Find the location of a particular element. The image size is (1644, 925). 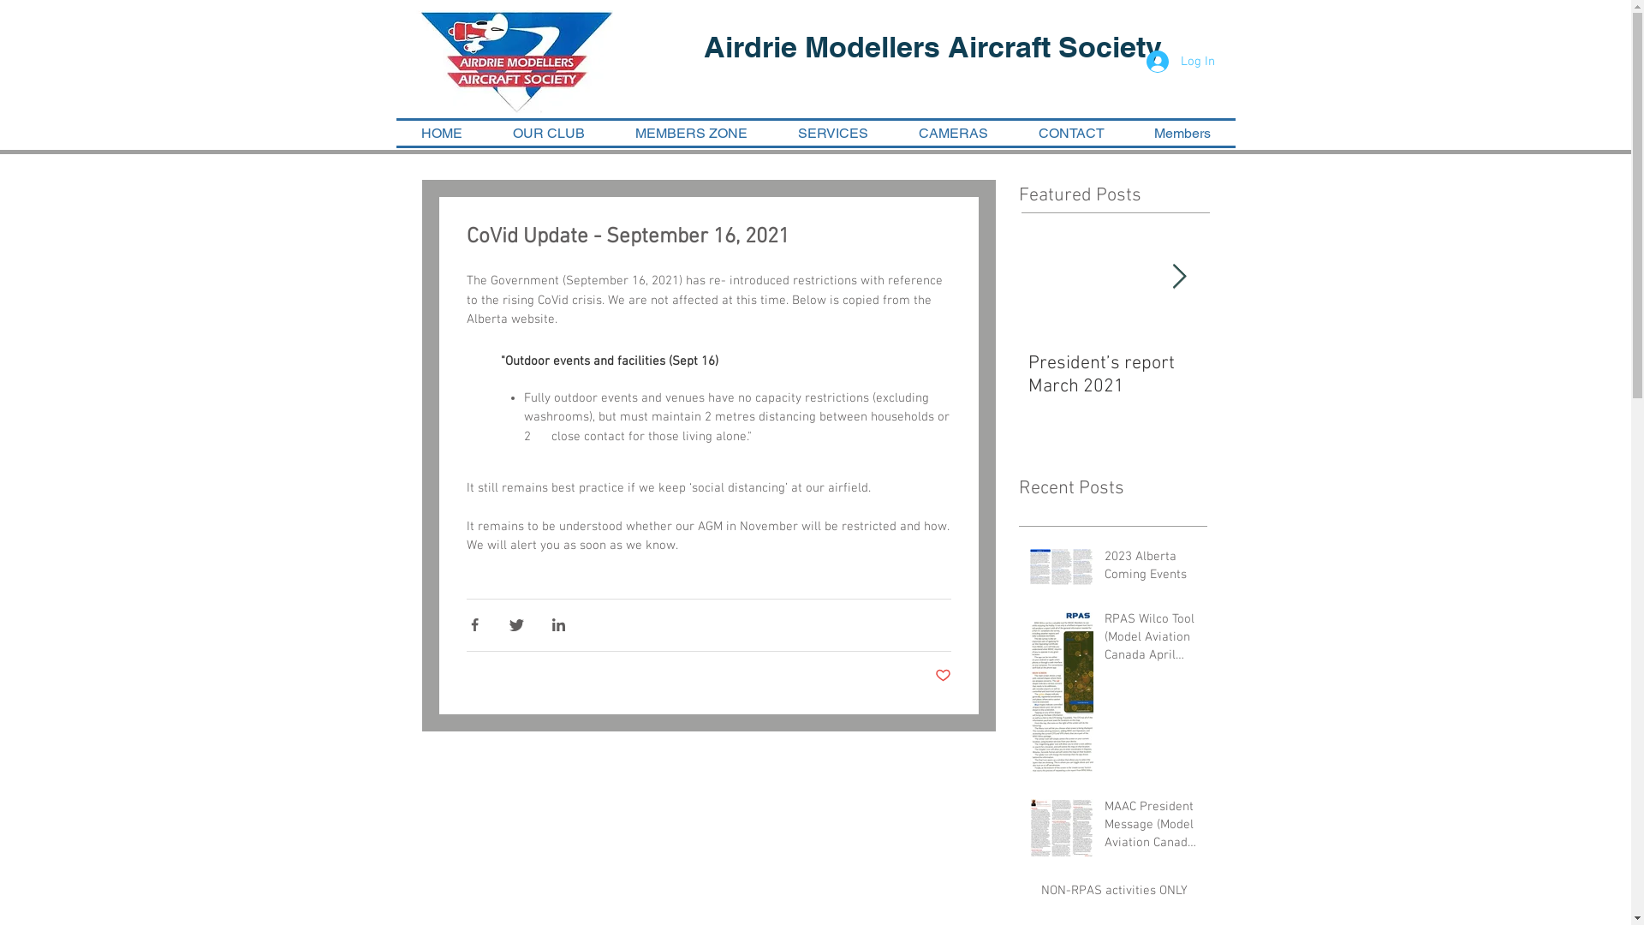

'Log In' is located at coordinates (1178, 61).